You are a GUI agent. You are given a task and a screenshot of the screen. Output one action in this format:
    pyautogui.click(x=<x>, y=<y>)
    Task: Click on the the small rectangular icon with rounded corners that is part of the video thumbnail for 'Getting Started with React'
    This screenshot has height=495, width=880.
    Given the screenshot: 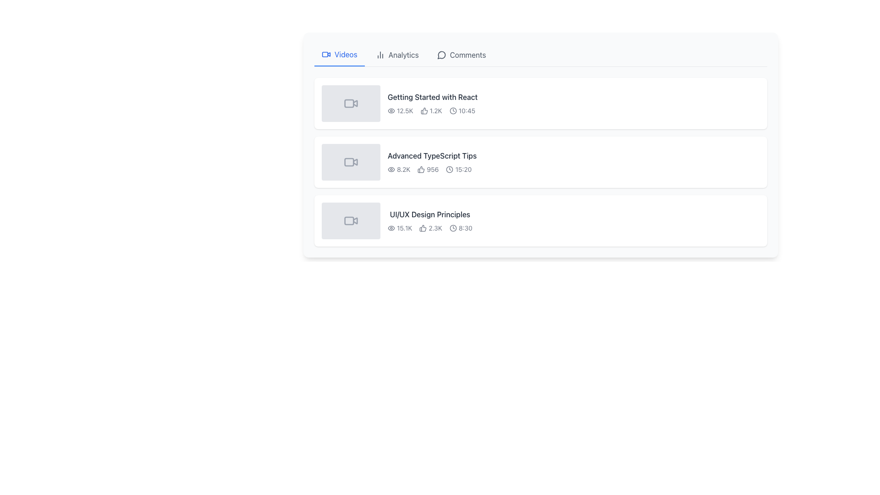 What is the action you would take?
    pyautogui.click(x=349, y=103)
    